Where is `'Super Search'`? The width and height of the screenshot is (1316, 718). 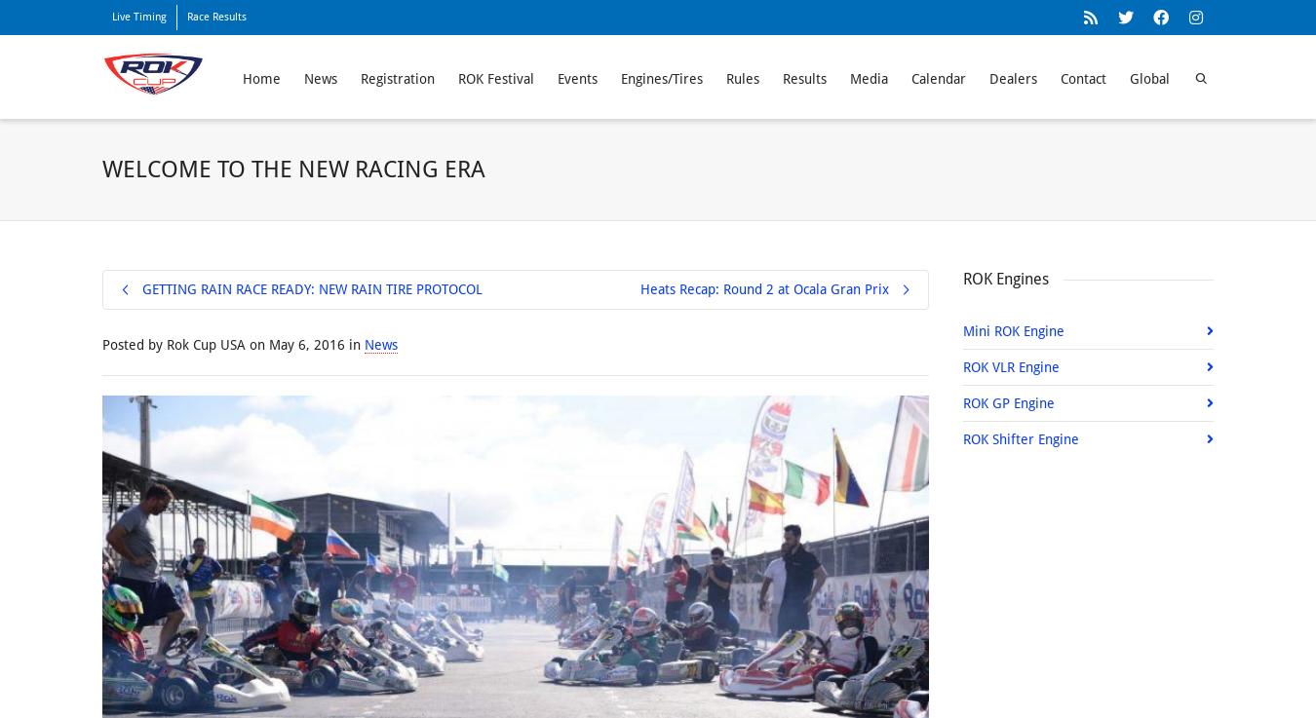 'Super Search' is located at coordinates (1104, 53).